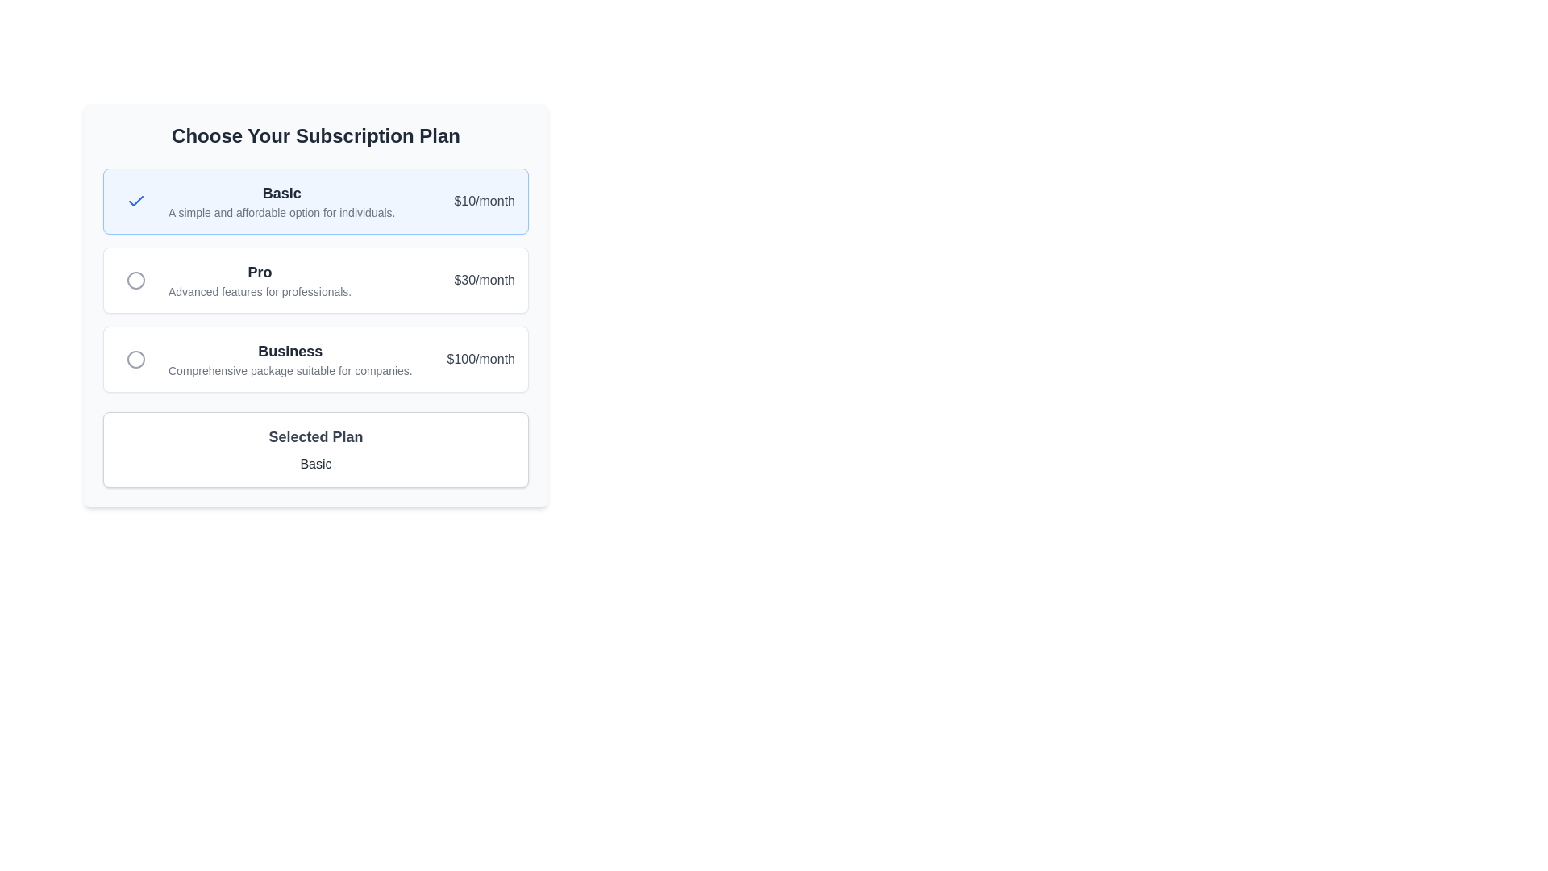 The height and width of the screenshot is (871, 1548). I want to click on the 'Basic' text block, so click(281, 201).